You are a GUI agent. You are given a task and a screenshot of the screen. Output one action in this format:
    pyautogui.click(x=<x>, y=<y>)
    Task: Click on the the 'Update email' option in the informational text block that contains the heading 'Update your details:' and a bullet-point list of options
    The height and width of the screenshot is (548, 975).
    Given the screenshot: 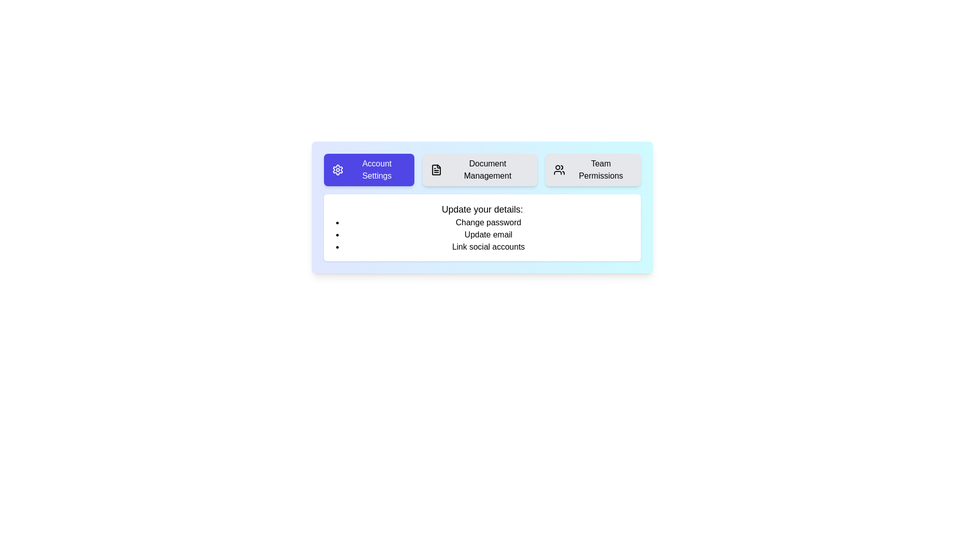 What is the action you would take?
    pyautogui.click(x=482, y=227)
    